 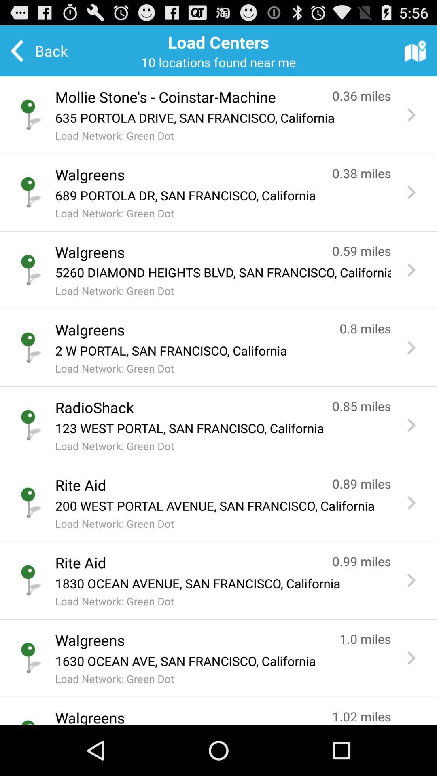 What do you see at coordinates (223, 273) in the screenshot?
I see `the 5260 diamond heights app` at bounding box center [223, 273].